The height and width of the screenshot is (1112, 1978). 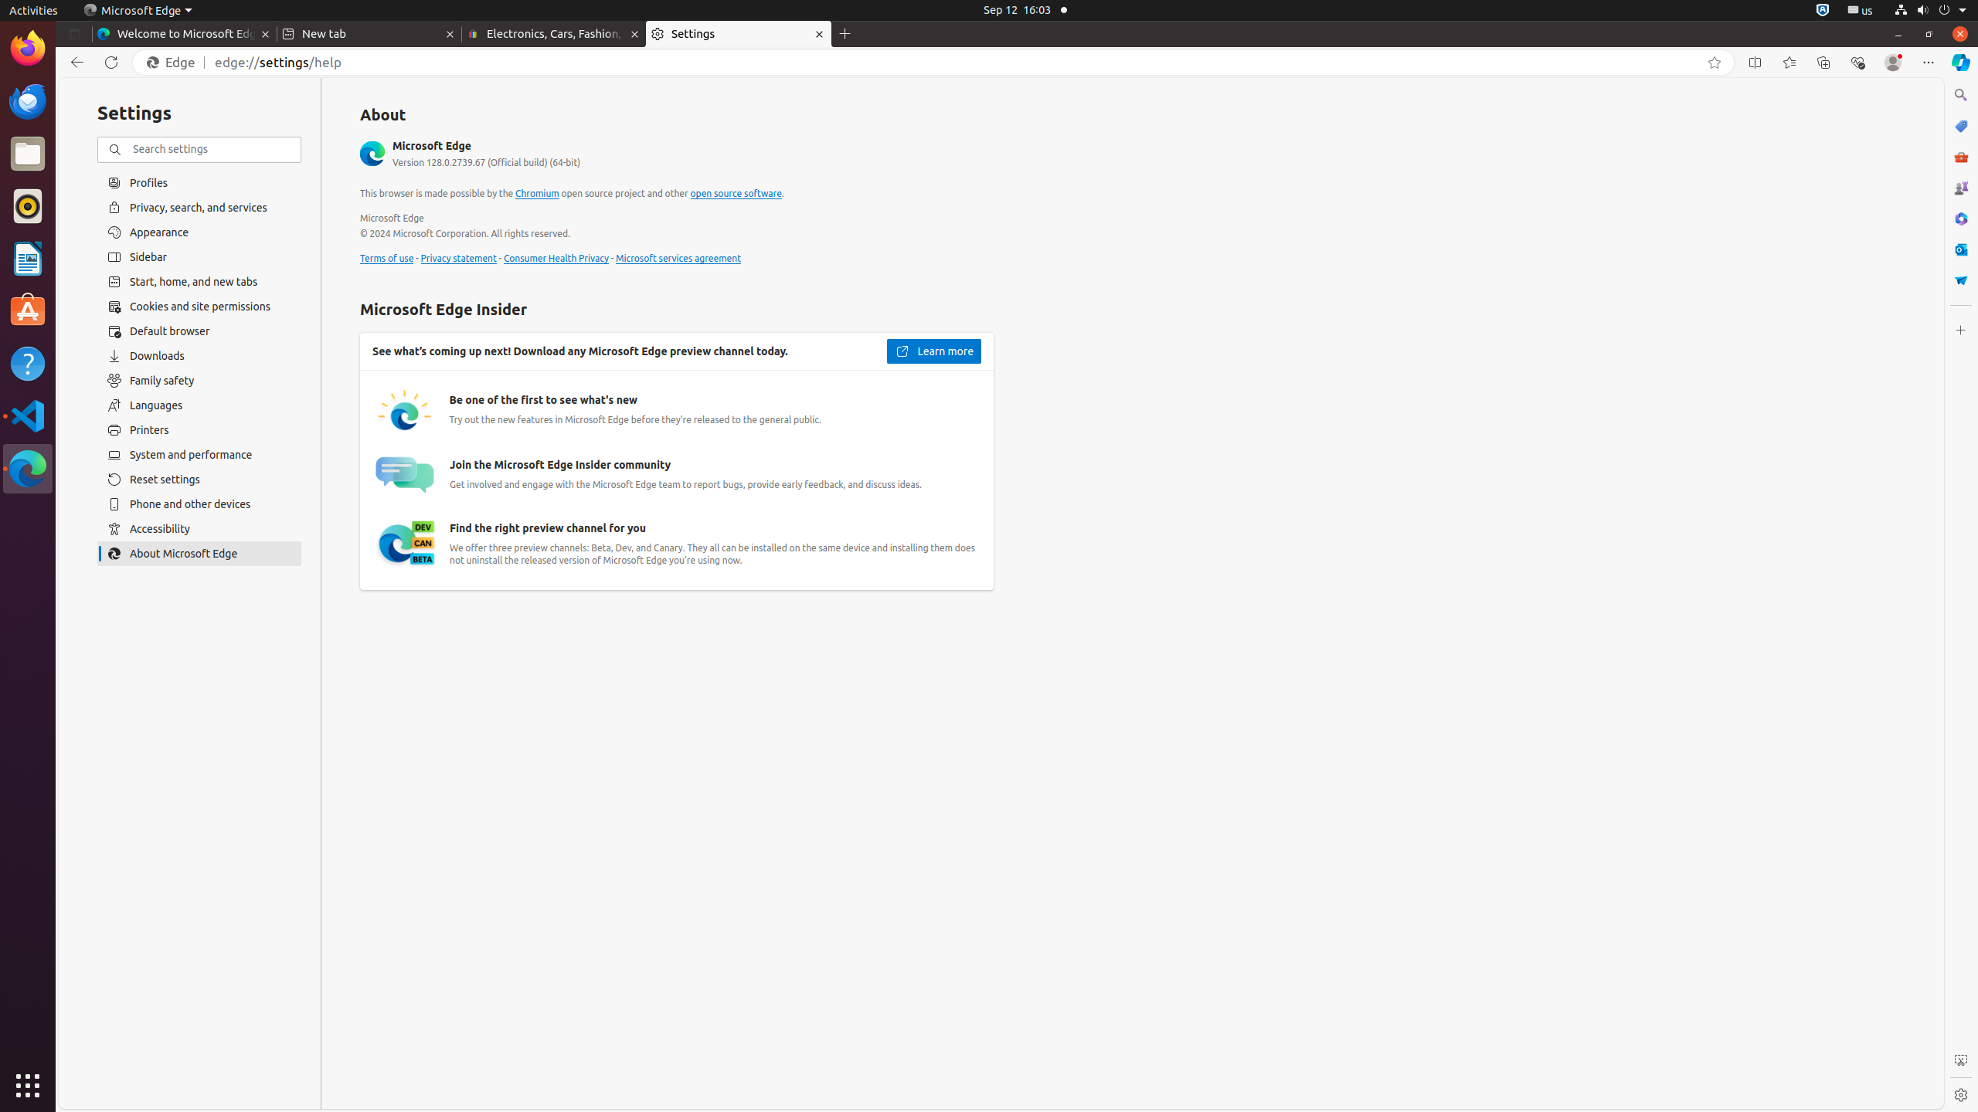 What do you see at coordinates (199, 331) in the screenshot?
I see `'Default browser'` at bounding box center [199, 331].